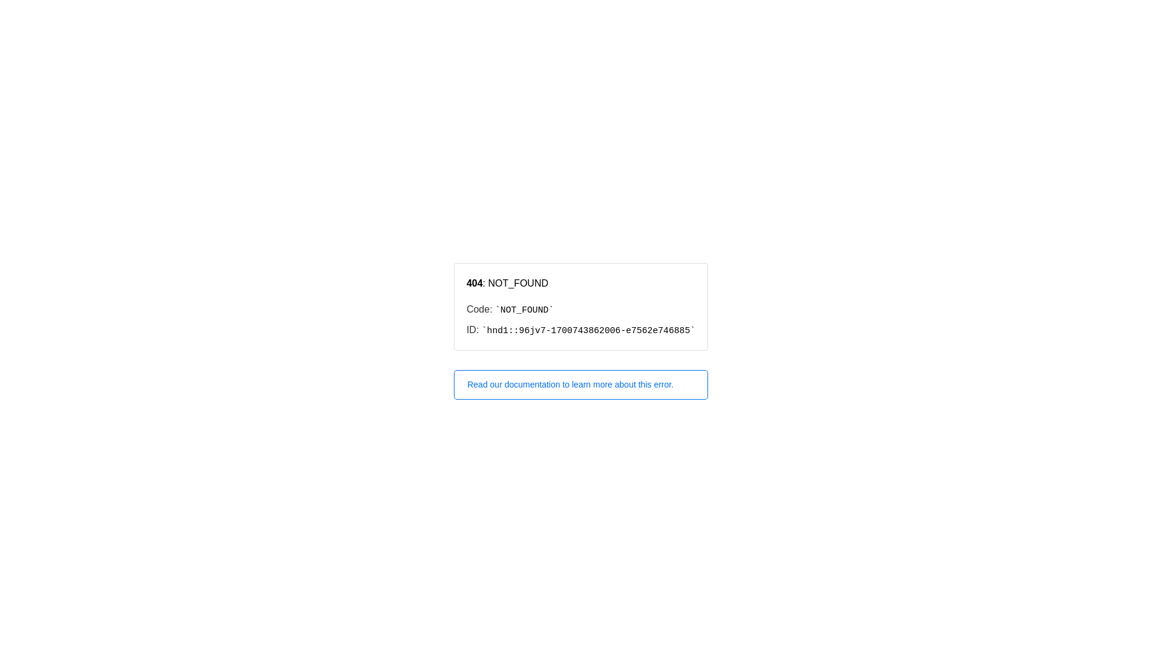 The image size is (1162, 653). I want to click on 'Read our documentation to learn more about this error.', so click(581, 385).